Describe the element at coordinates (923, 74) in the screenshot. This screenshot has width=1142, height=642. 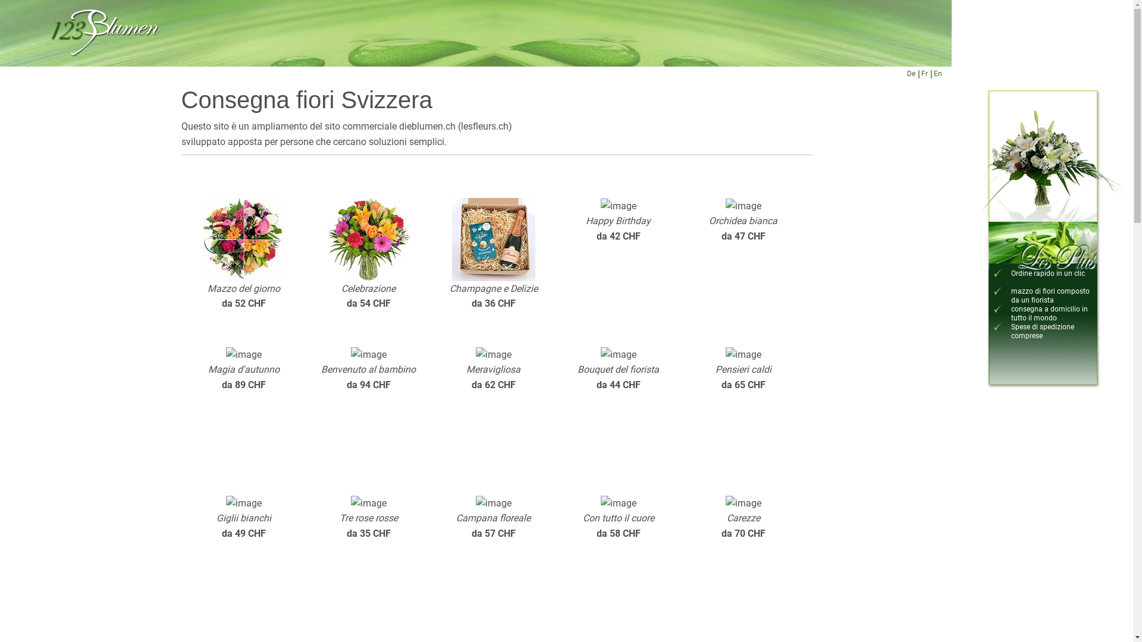
I see `'Fr'` at that location.